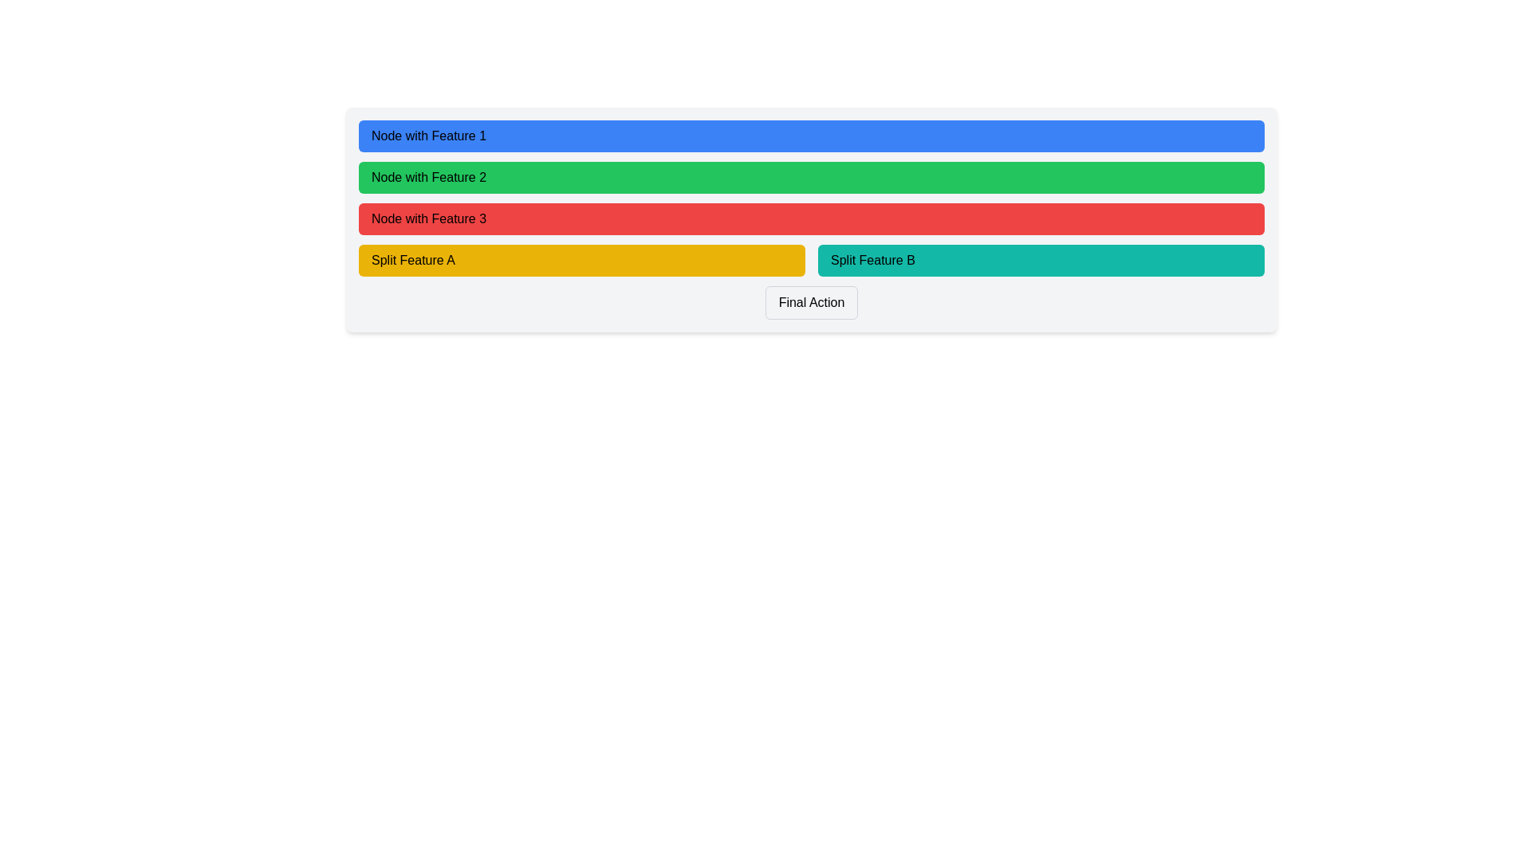 The height and width of the screenshot is (861, 1531). What do you see at coordinates (581, 260) in the screenshot?
I see `the left button labeled 'Split Feature A' located towards the bottom-left part of the central region` at bounding box center [581, 260].